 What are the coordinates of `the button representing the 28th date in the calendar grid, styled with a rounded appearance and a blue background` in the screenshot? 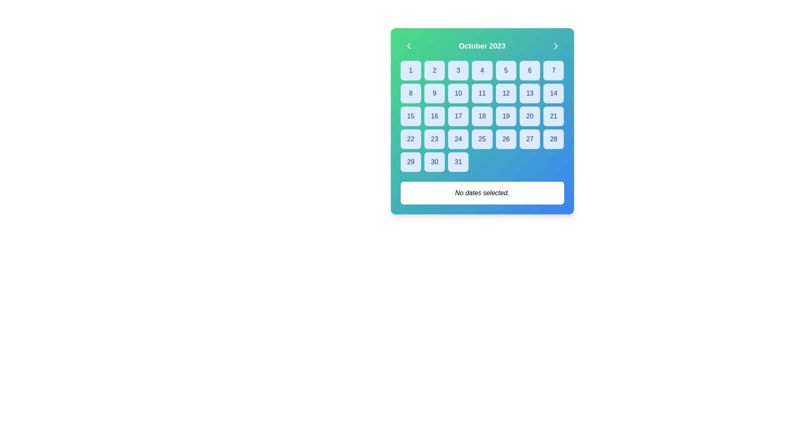 It's located at (554, 138).